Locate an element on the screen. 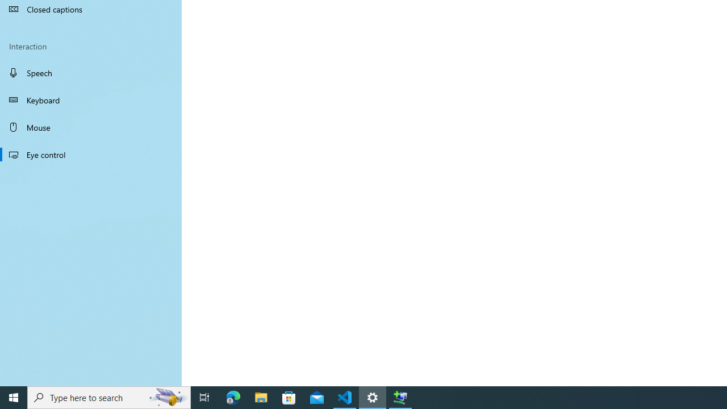  'Extensible Wizards Host Process - 1 running window' is located at coordinates (400, 397).